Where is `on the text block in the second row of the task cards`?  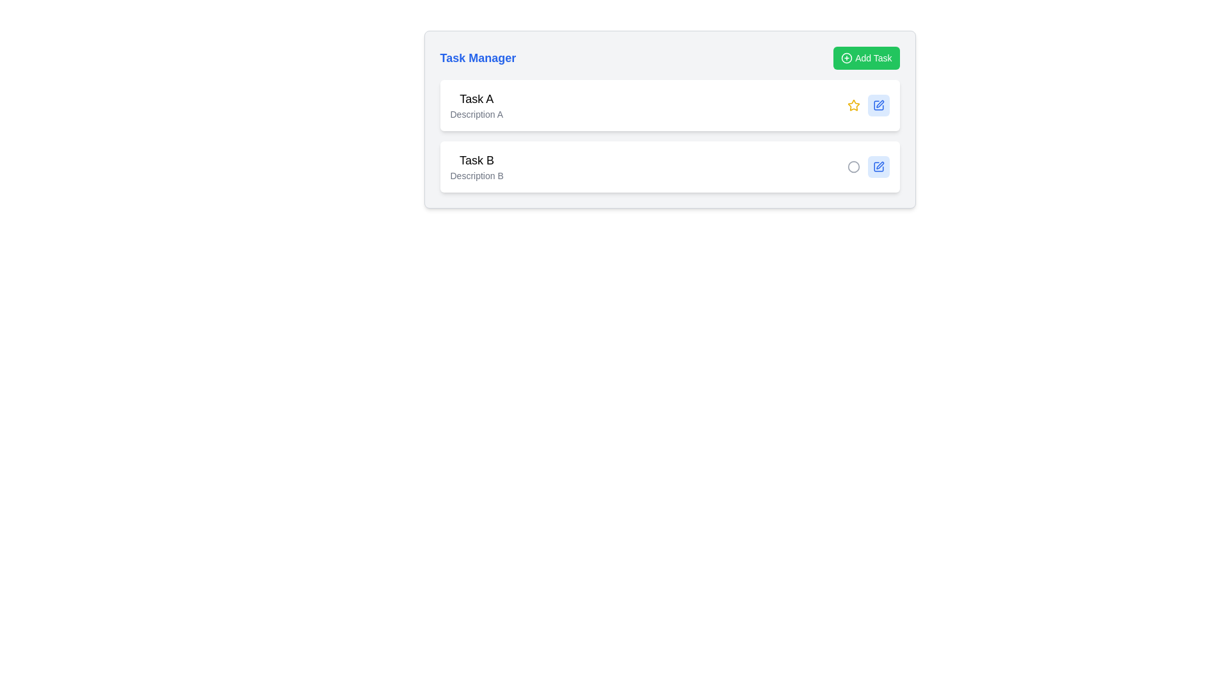
on the text block in the second row of the task cards is located at coordinates (476, 166).